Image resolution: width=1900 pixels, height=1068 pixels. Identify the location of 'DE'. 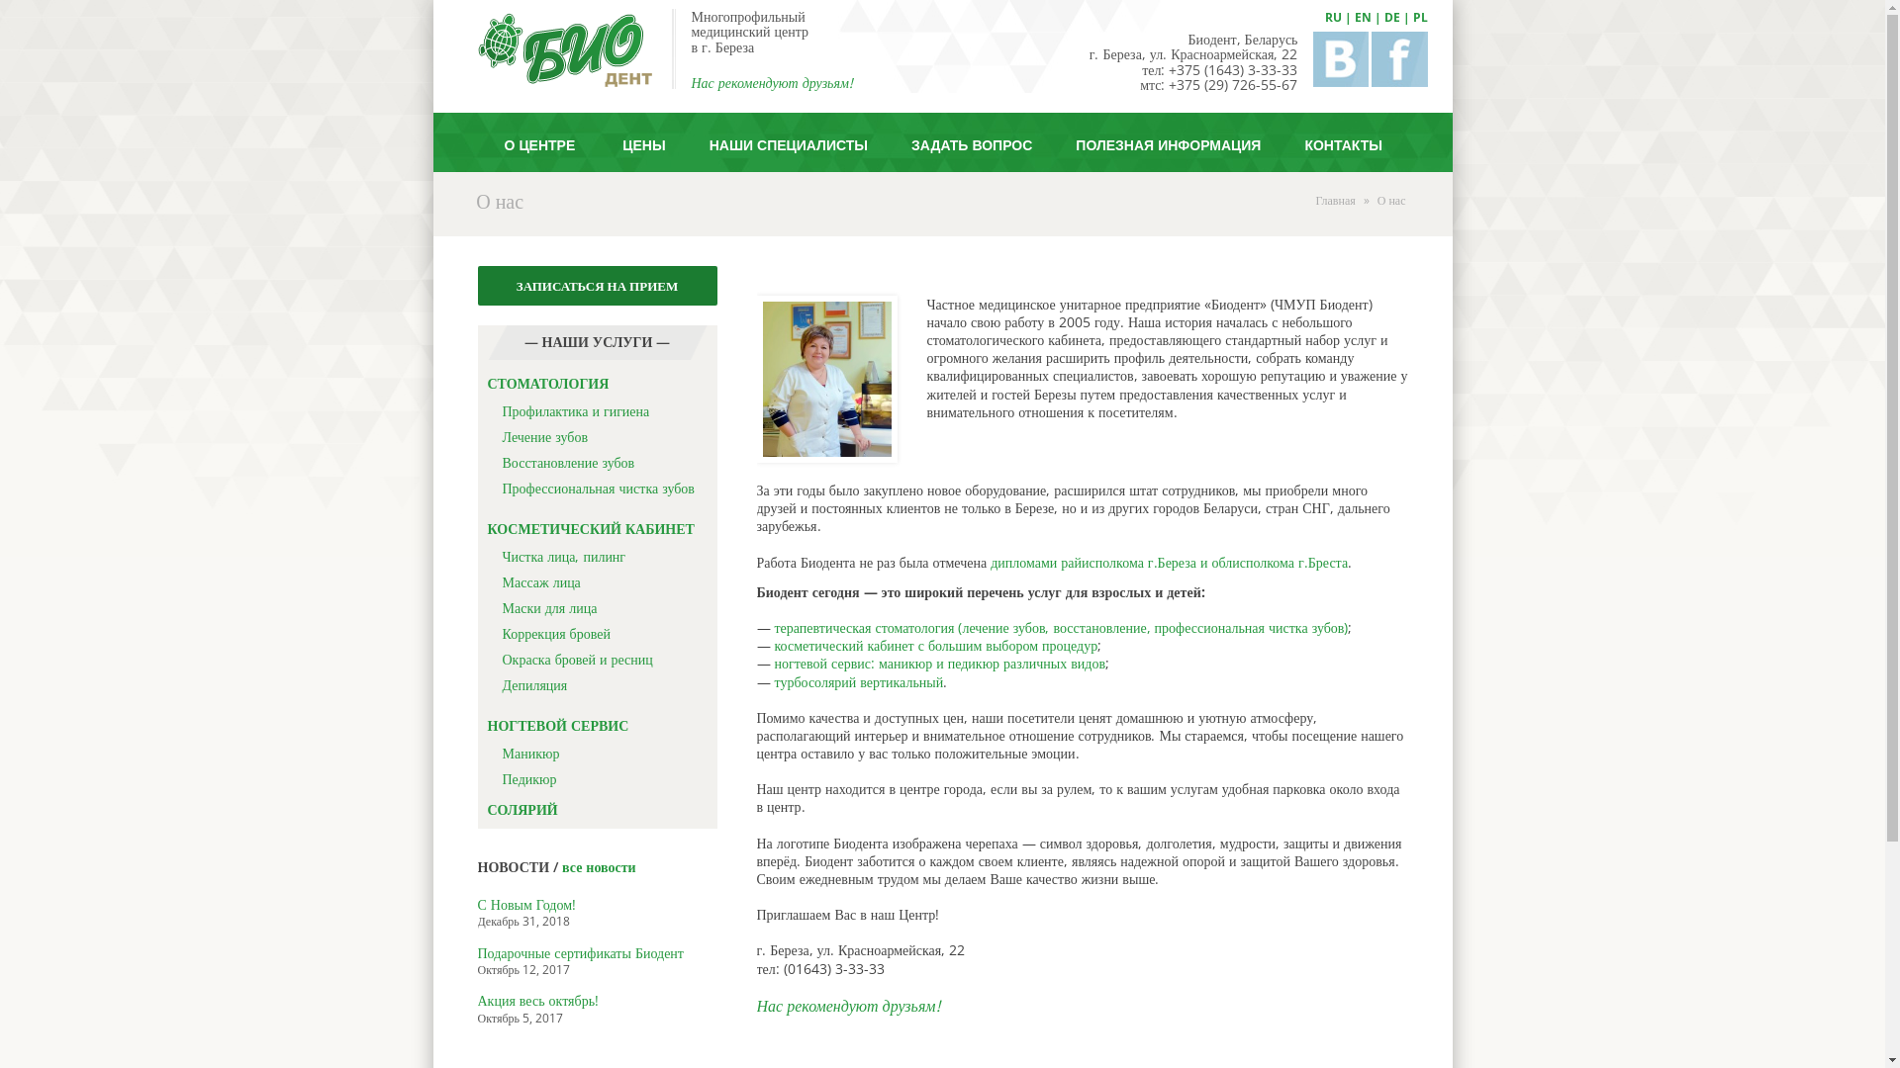
(1390, 17).